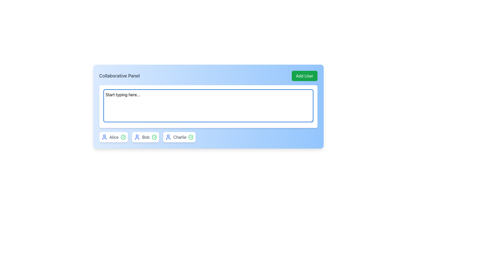  What do you see at coordinates (304, 76) in the screenshot?
I see `the 'Add User' button located at the top-right corner of the panel` at bounding box center [304, 76].